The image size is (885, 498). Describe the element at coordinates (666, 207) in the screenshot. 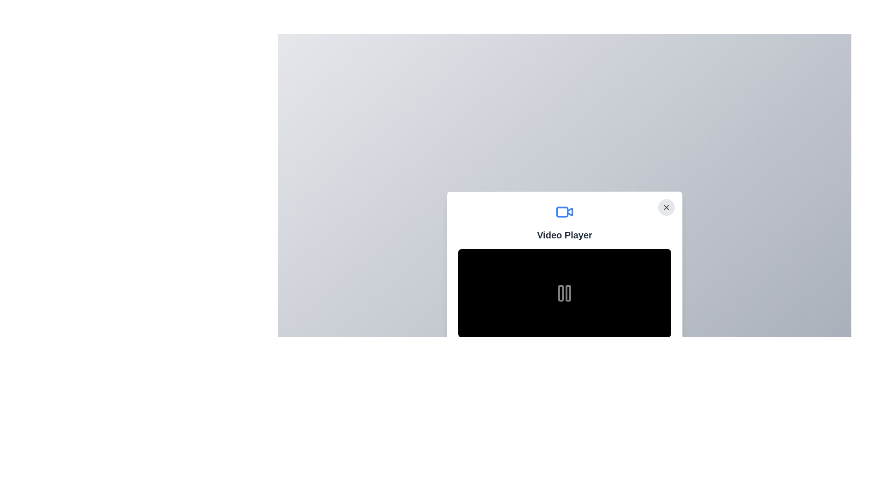

I see `the 'X' shaped close button, which is styled with a thin, rounded stroke and located in the top-right corner of the dialog box, to trigger a visual feedback effect` at that location.